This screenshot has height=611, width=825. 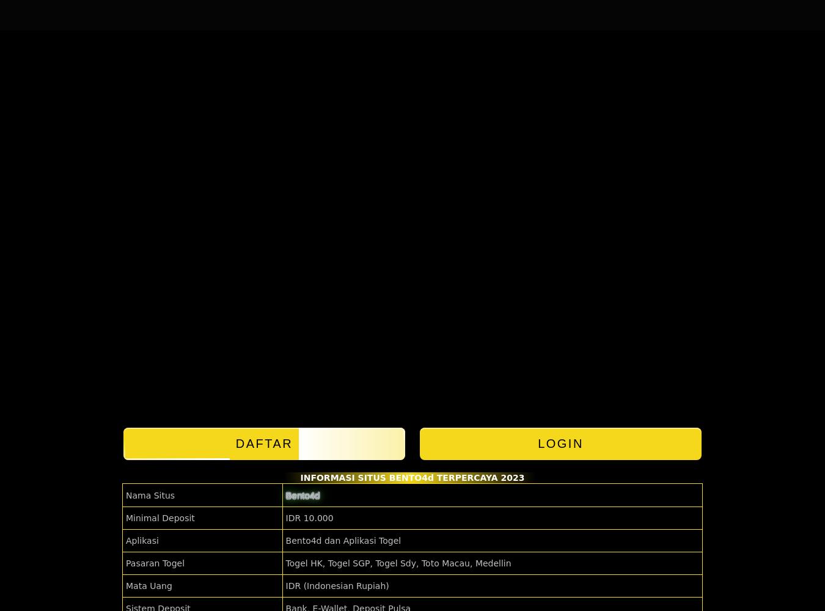 I want to click on 'Bento4d', so click(x=302, y=495).